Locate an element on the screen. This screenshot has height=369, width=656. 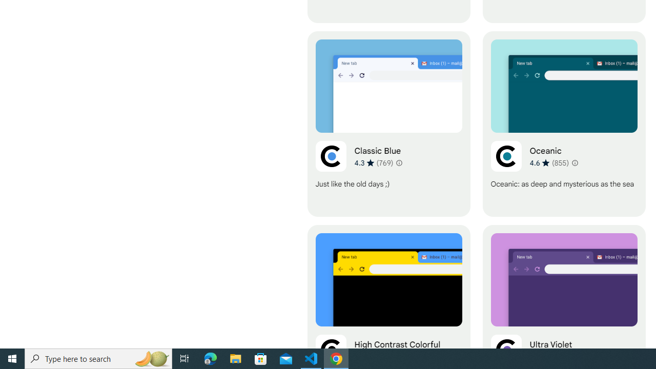
'Learn more about results and reviews "Oceanic"' is located at coordinates (574, 162).